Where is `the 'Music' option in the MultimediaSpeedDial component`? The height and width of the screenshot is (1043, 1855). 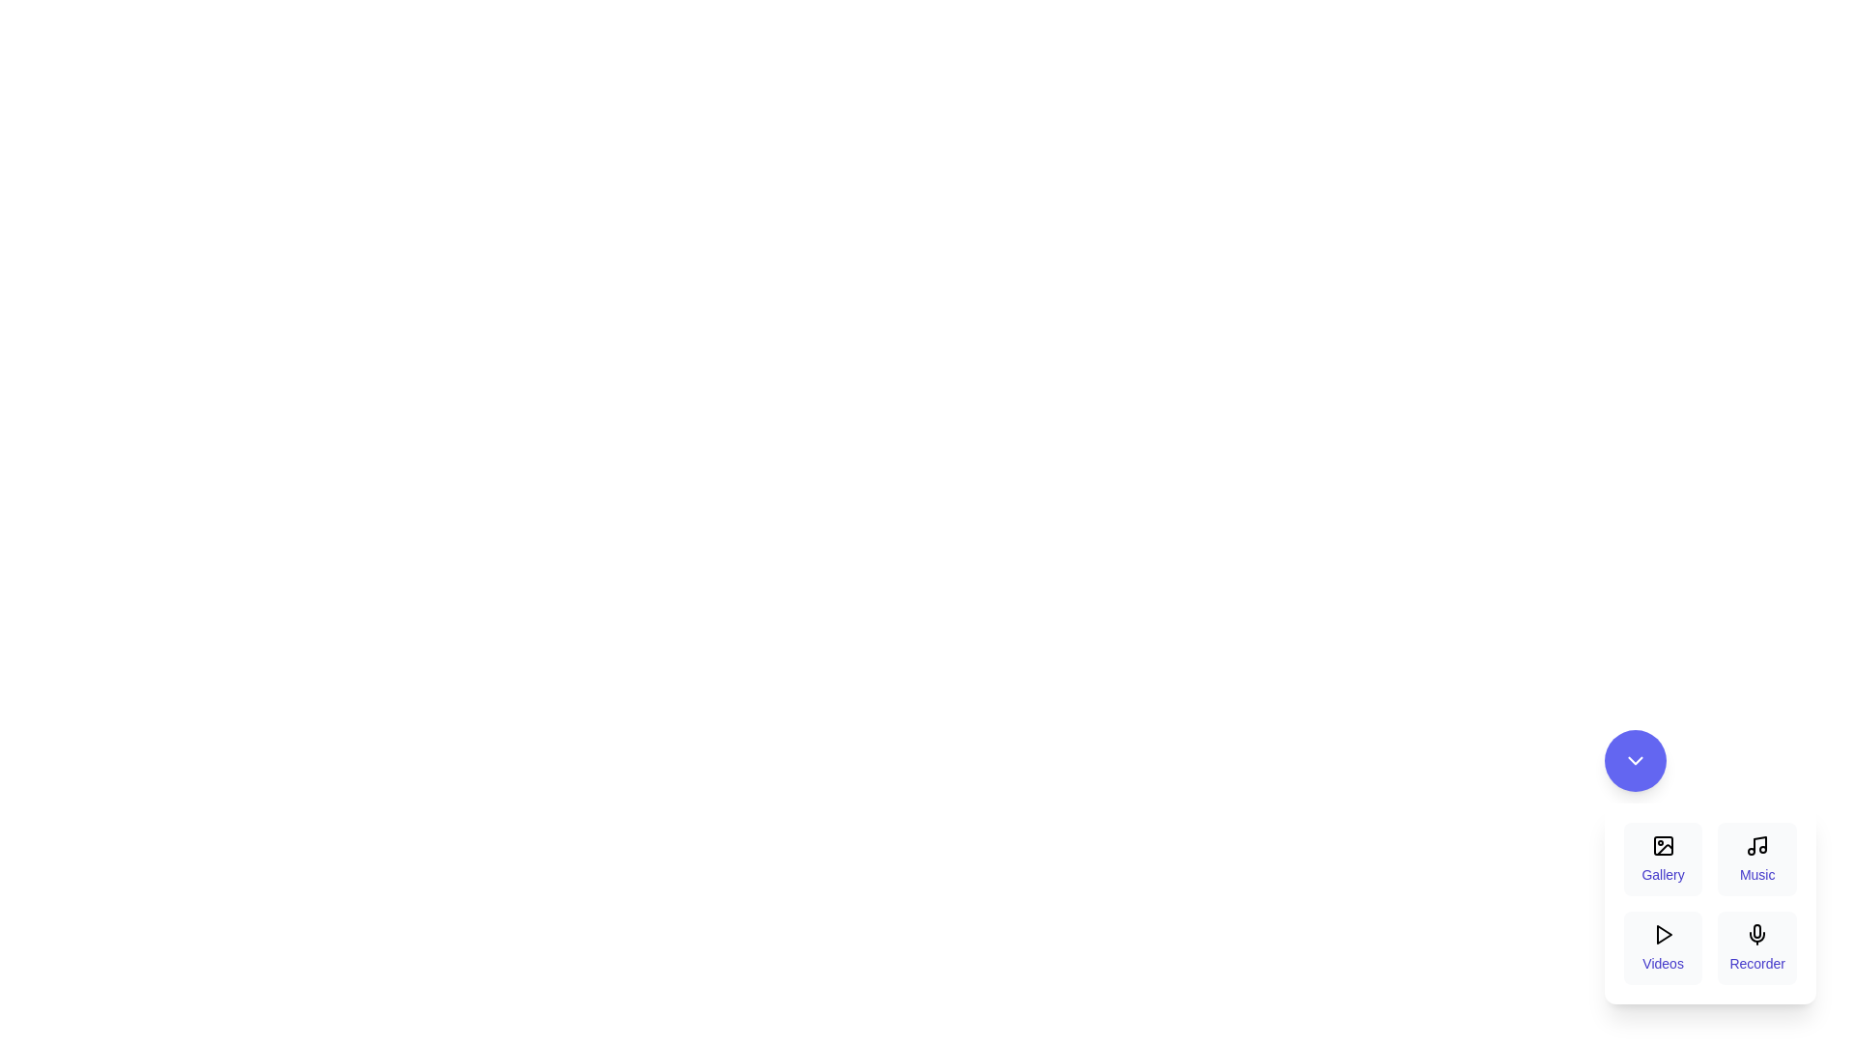
the 'Music' option in the MultimediaSpeedDial component is located at coordinates (1757, 859).